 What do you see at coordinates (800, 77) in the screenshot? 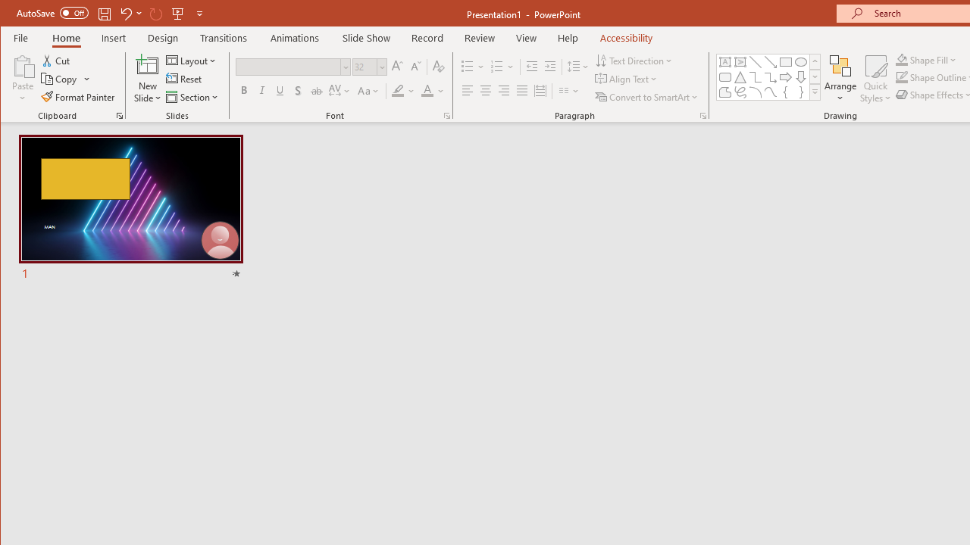
I see `'Arrow: Down'` at bounding box center [800, 77].